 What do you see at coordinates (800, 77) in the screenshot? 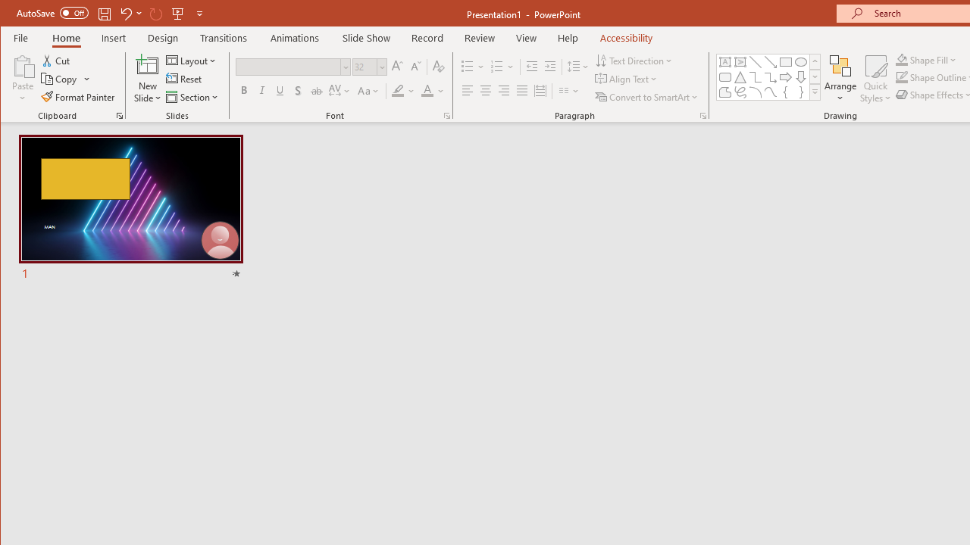
I see `'Arrow: Down'` at bounding box center [800, 77].